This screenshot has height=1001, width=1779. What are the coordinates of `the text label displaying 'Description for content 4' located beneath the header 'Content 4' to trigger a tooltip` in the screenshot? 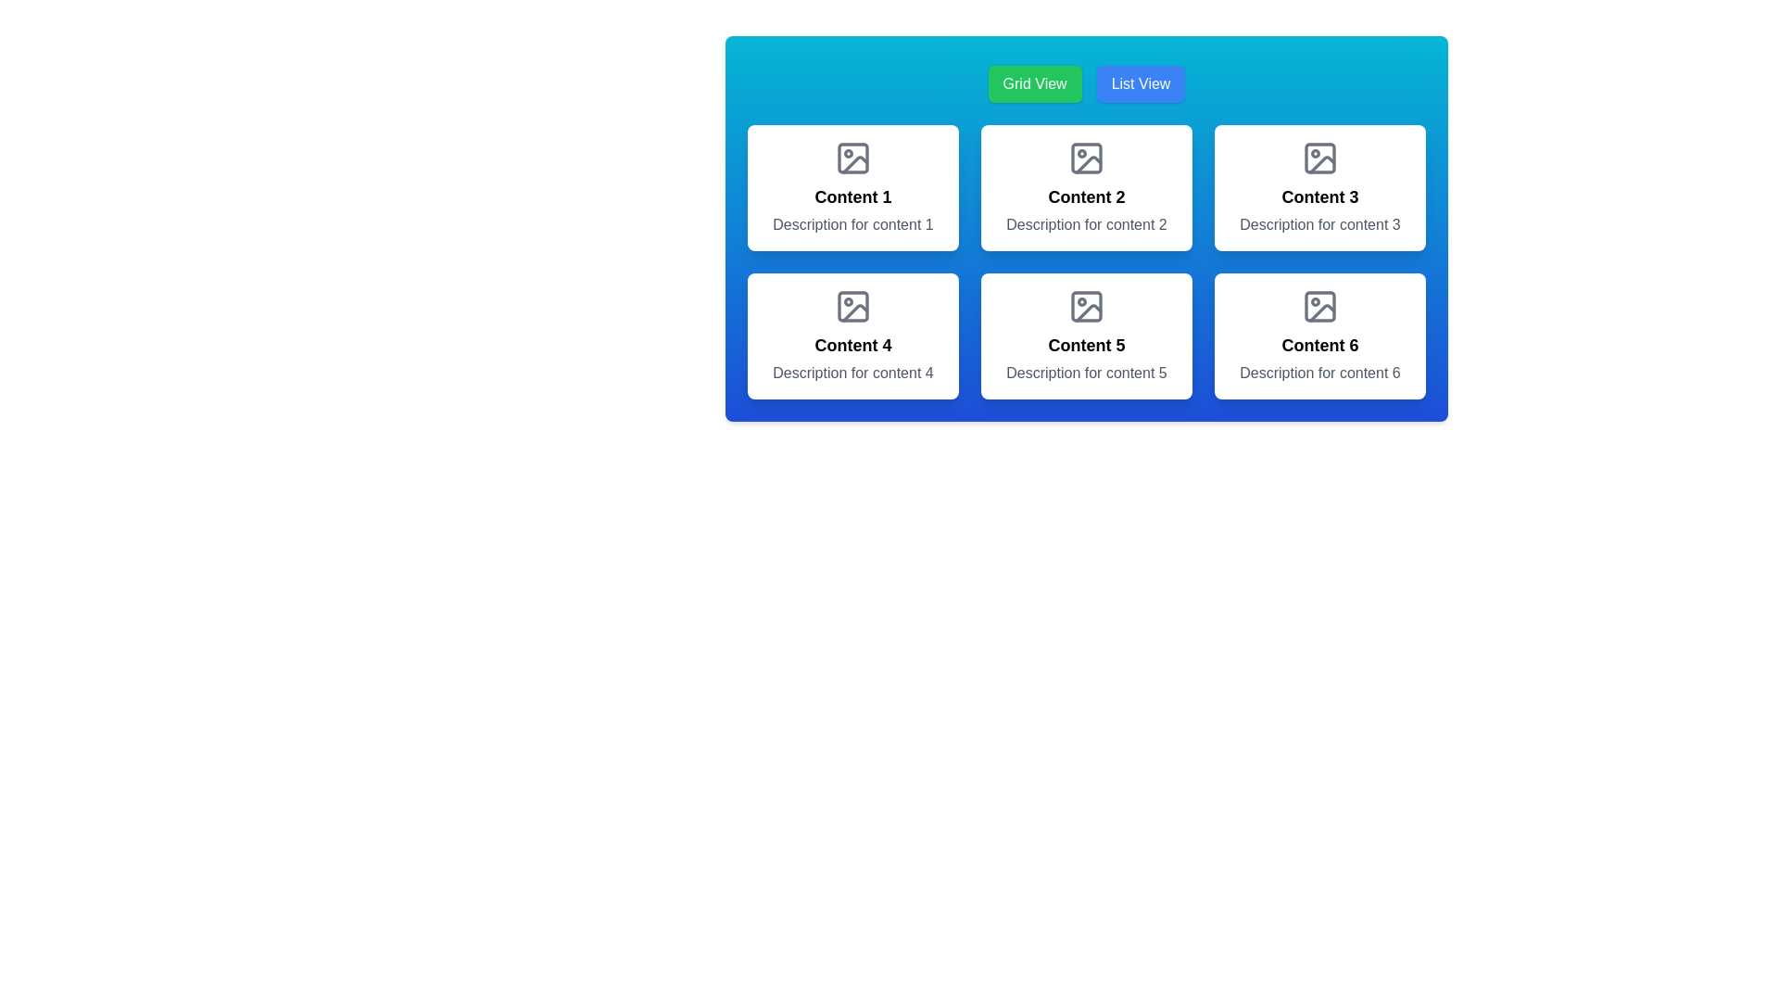 It's located at (852, 373).